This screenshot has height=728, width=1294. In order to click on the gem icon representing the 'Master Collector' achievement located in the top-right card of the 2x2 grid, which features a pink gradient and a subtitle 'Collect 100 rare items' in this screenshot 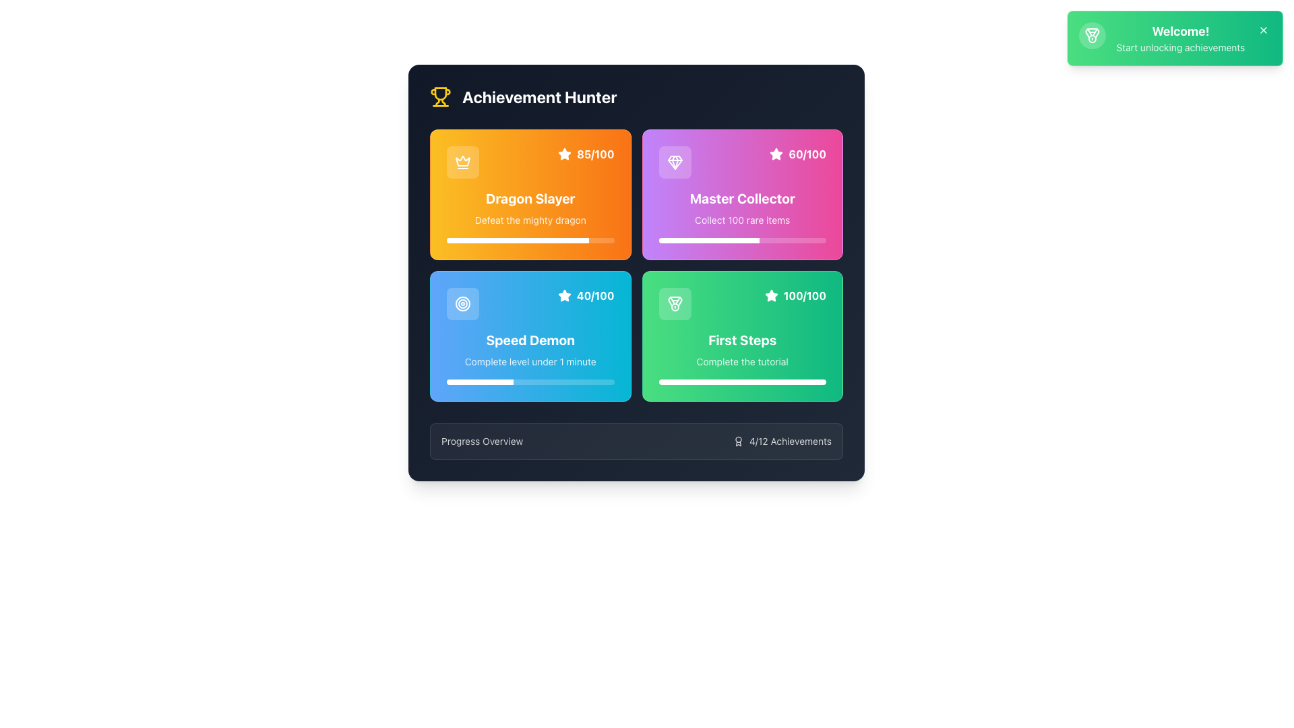, I will do `click(675, 161)`.